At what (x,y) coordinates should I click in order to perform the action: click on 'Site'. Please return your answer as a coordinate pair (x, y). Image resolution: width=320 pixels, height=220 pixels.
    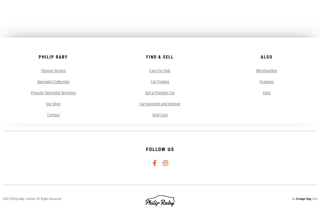
    Looking at the image, I should click on (314, 198).